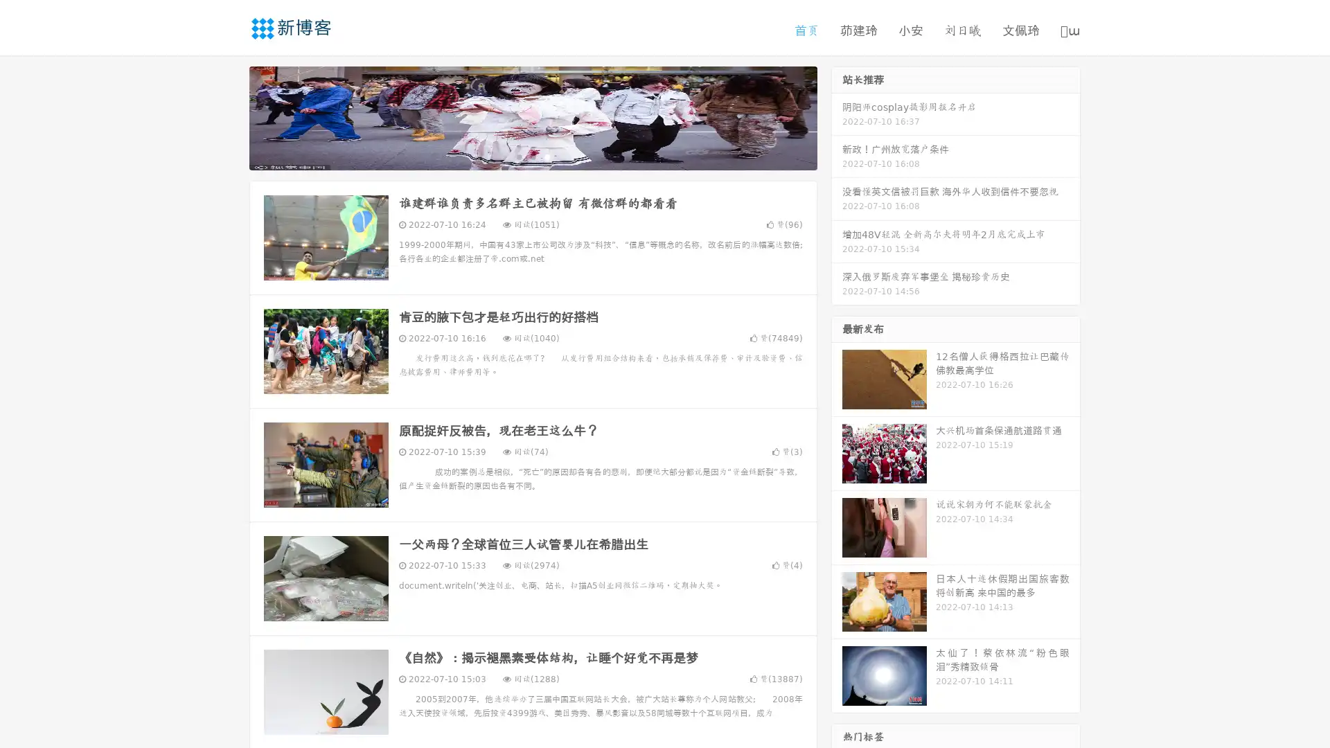 Image resolution: width=1330 pixels, height=748 pixels. I want to click on Go to slide 2, so click(532, 156).